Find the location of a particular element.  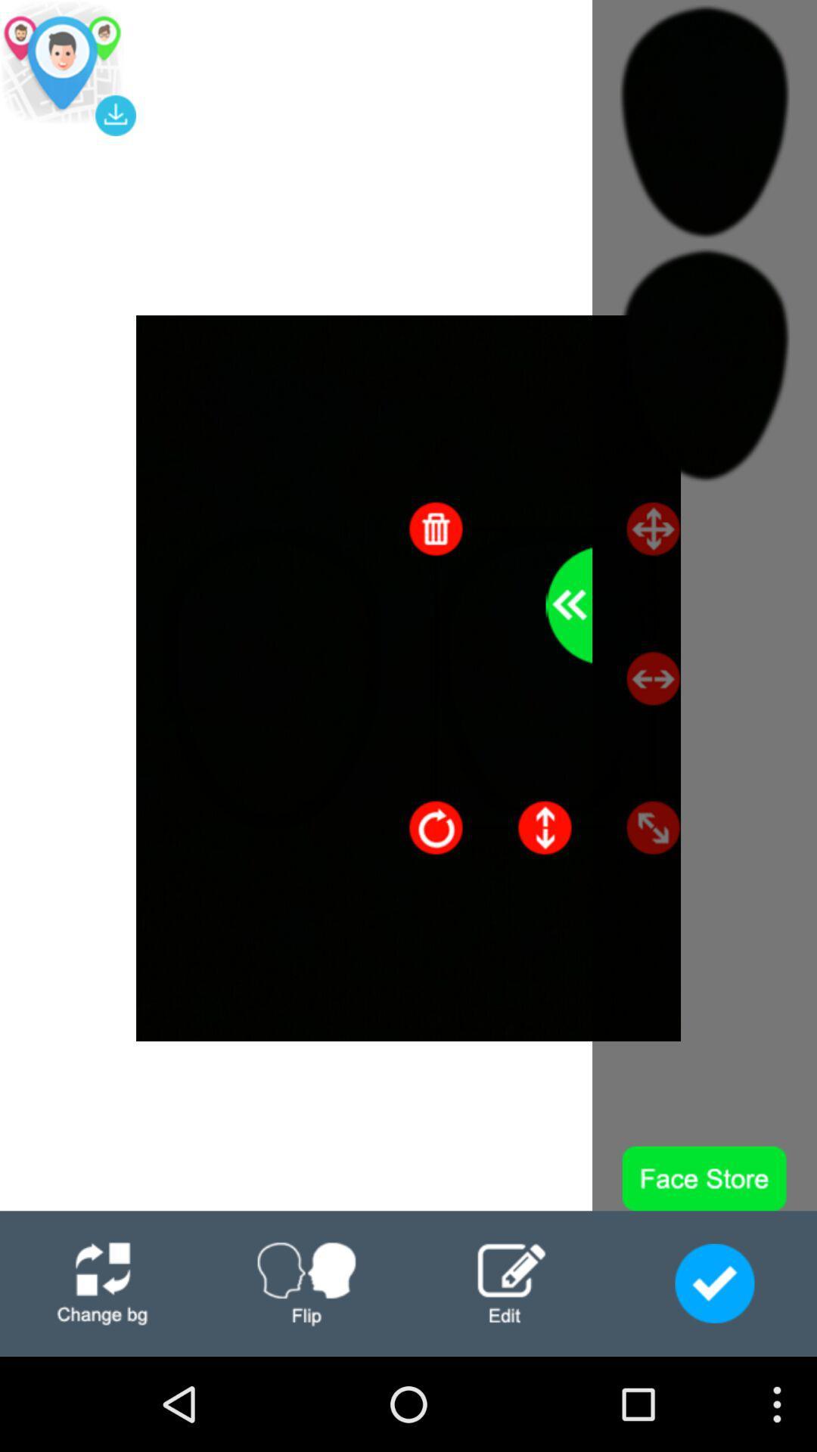

edit button is located at coordinates (511, 1283).